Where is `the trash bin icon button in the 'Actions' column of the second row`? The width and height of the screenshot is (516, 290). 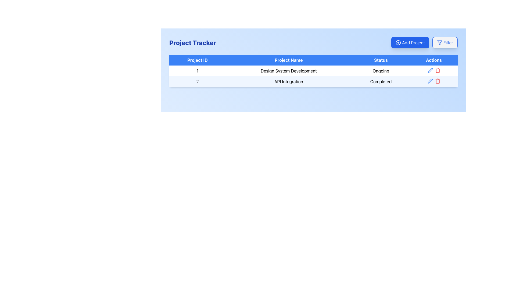
the trash bin icon button in the 'Actions' column of the second row is located at coordinates (438, 81).